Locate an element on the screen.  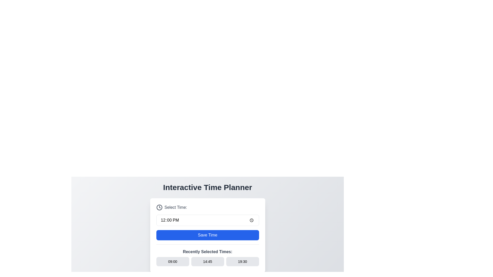
the middle button displaying the time '14:45' in the 'Recently Selected Times' section is located at coordinates (207, 261).